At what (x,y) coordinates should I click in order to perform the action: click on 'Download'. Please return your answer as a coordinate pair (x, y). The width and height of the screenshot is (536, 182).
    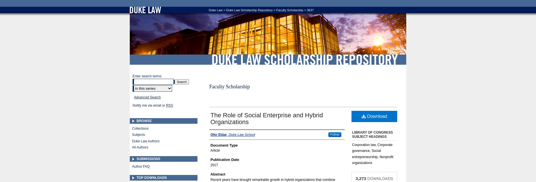
    Looking at the image, I should click on (376, 116).